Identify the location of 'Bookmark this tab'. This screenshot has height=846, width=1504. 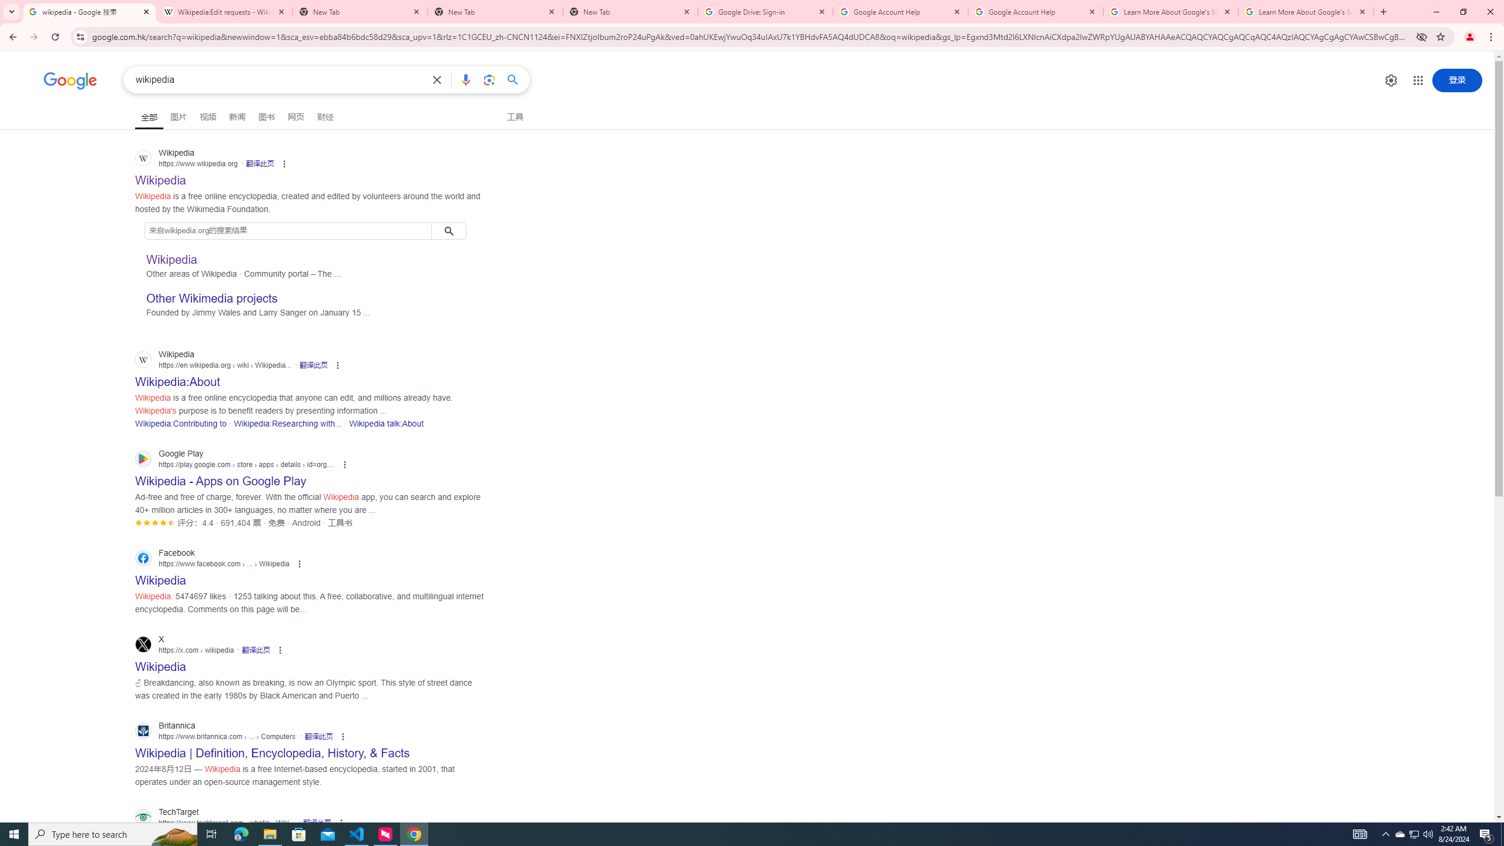
(1439, 36).